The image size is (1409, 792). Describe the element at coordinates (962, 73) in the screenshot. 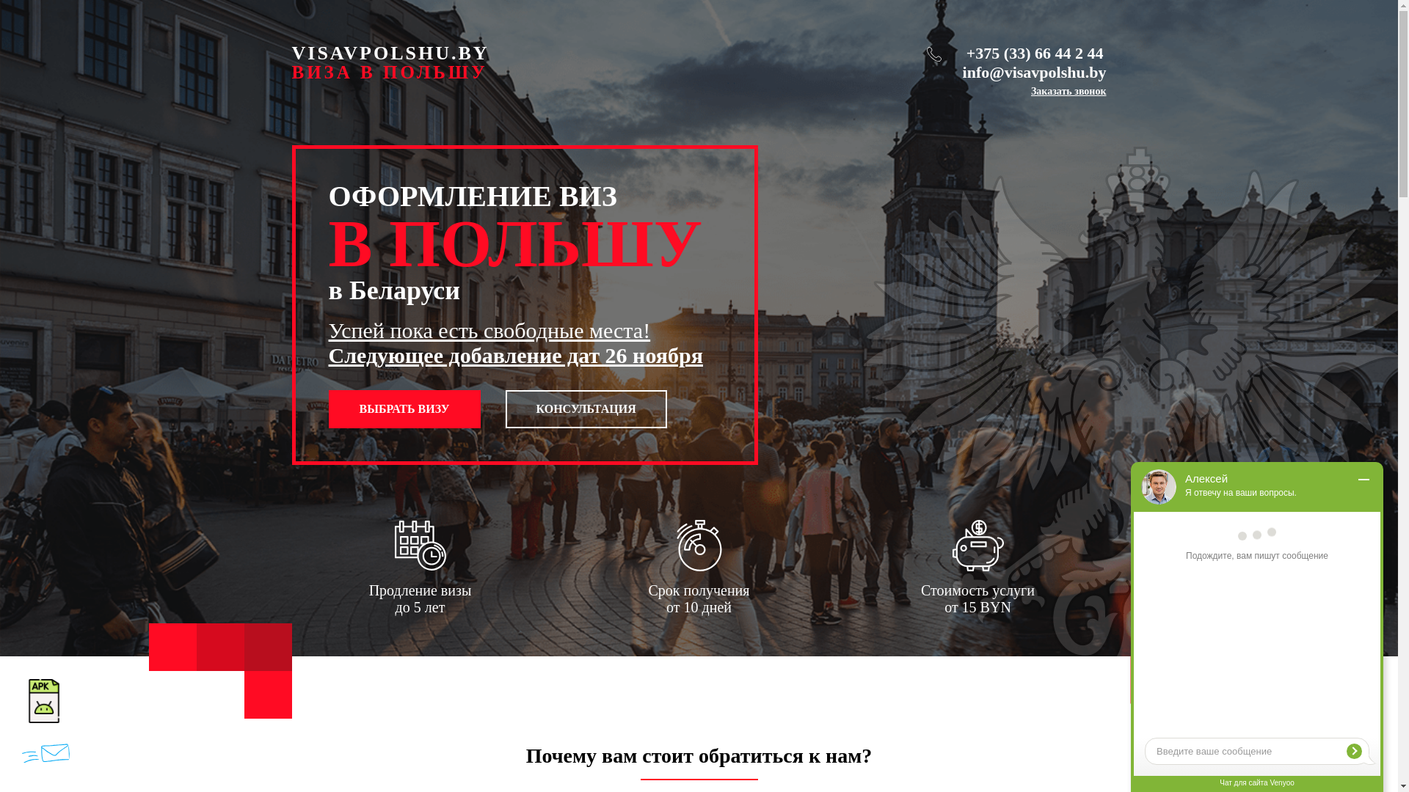

I see `'info@visavpolshu.by'` at that location.